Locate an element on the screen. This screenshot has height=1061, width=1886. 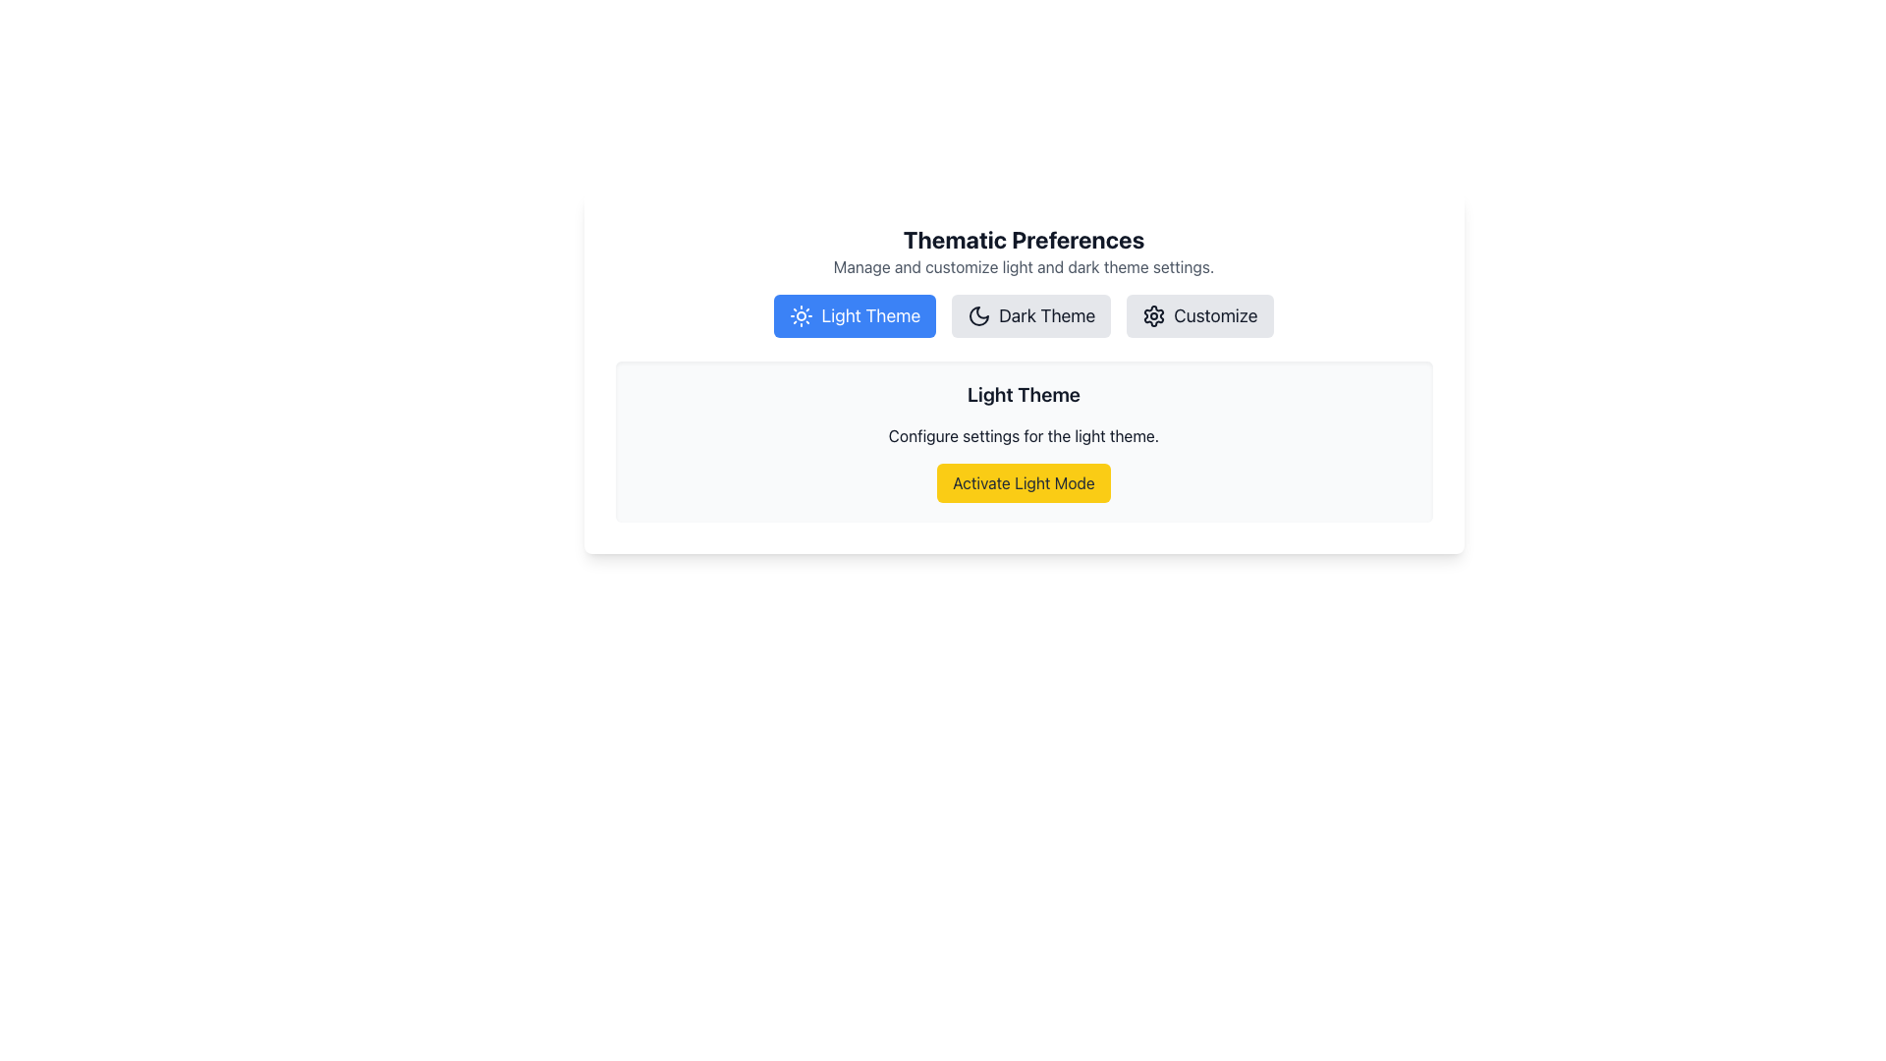
the gear-like settings icon located in the thematic preferences section, to the right of the Dark Theme button and above the Customize button is located at coordinates (1154, 314).